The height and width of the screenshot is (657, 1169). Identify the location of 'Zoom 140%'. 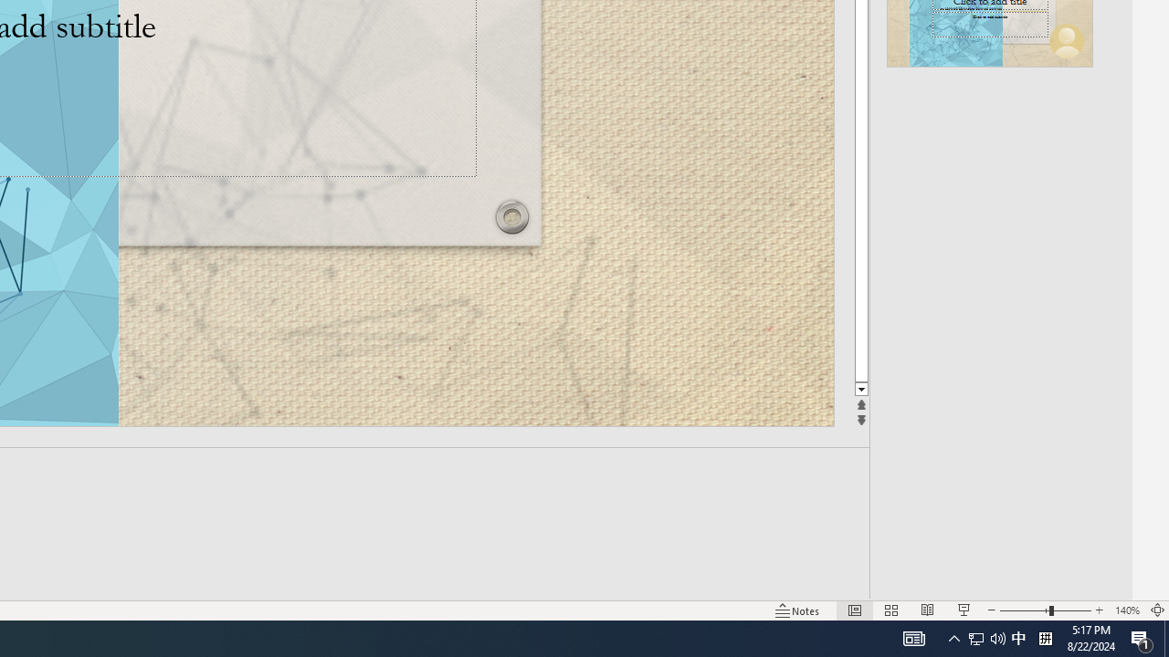
(1126, 610).